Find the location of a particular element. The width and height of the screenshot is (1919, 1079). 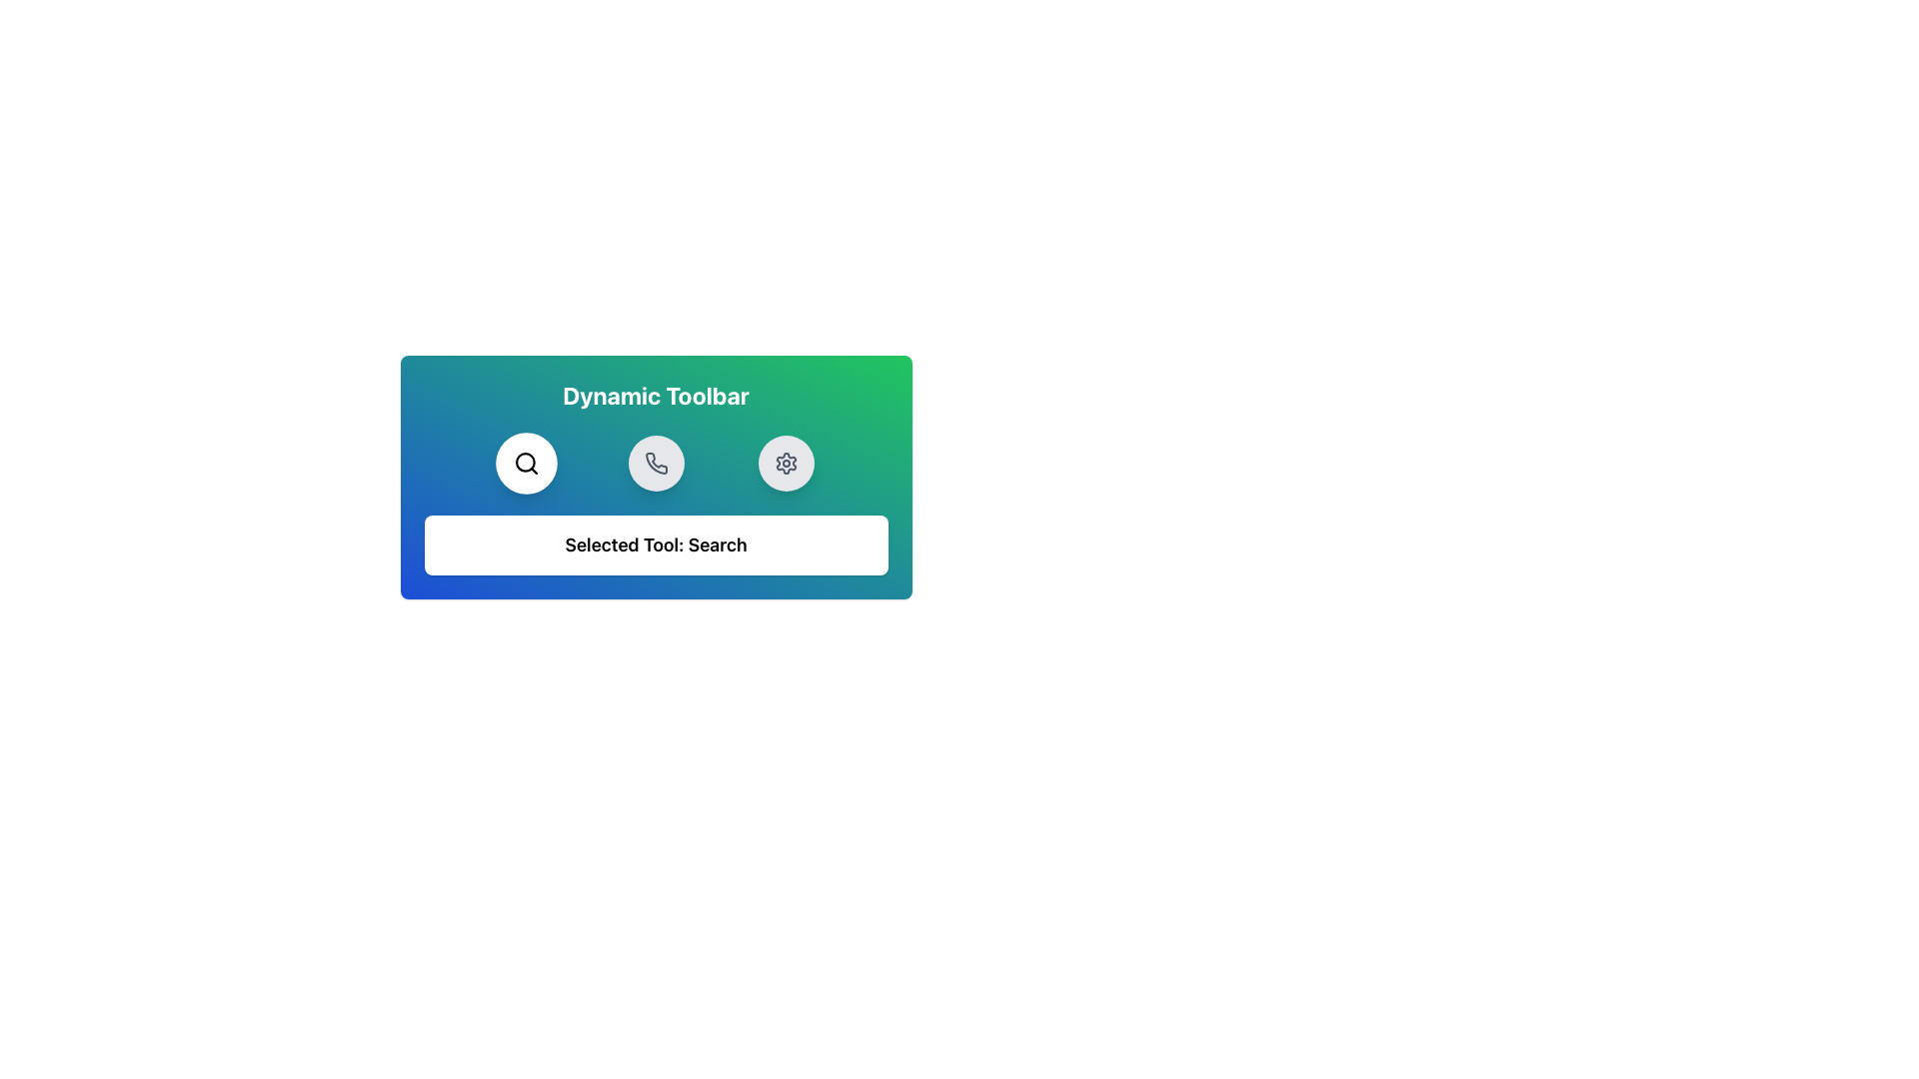

the search icon button, which is a circular icon with a magnifying glass located in the leftmost position of the 'Dynamic Toolbar' is located at coordinates (526, 463).